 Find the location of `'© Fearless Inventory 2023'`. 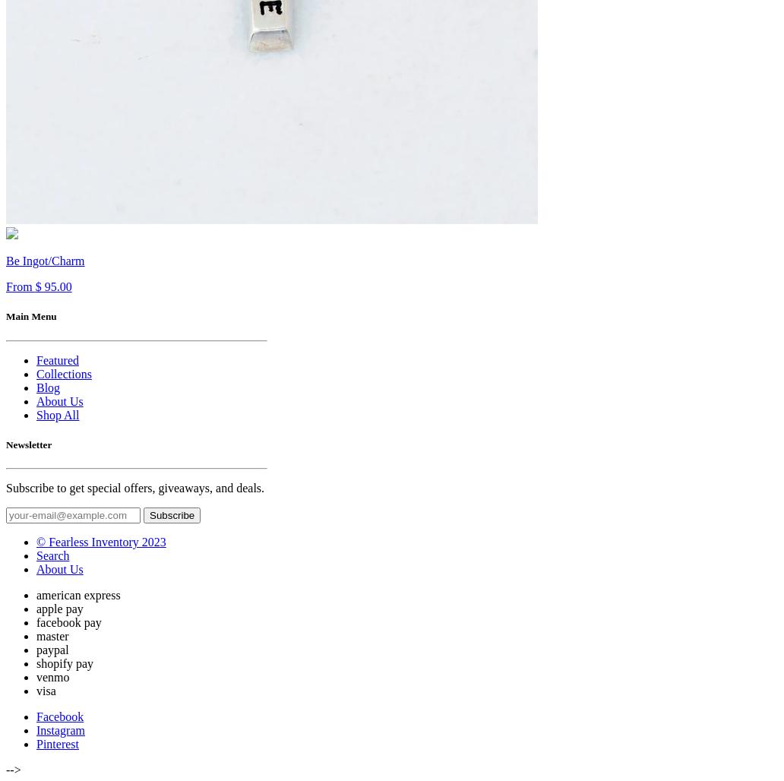

'© Fearless Inventory 2023' is located at coordinates (100, 540).